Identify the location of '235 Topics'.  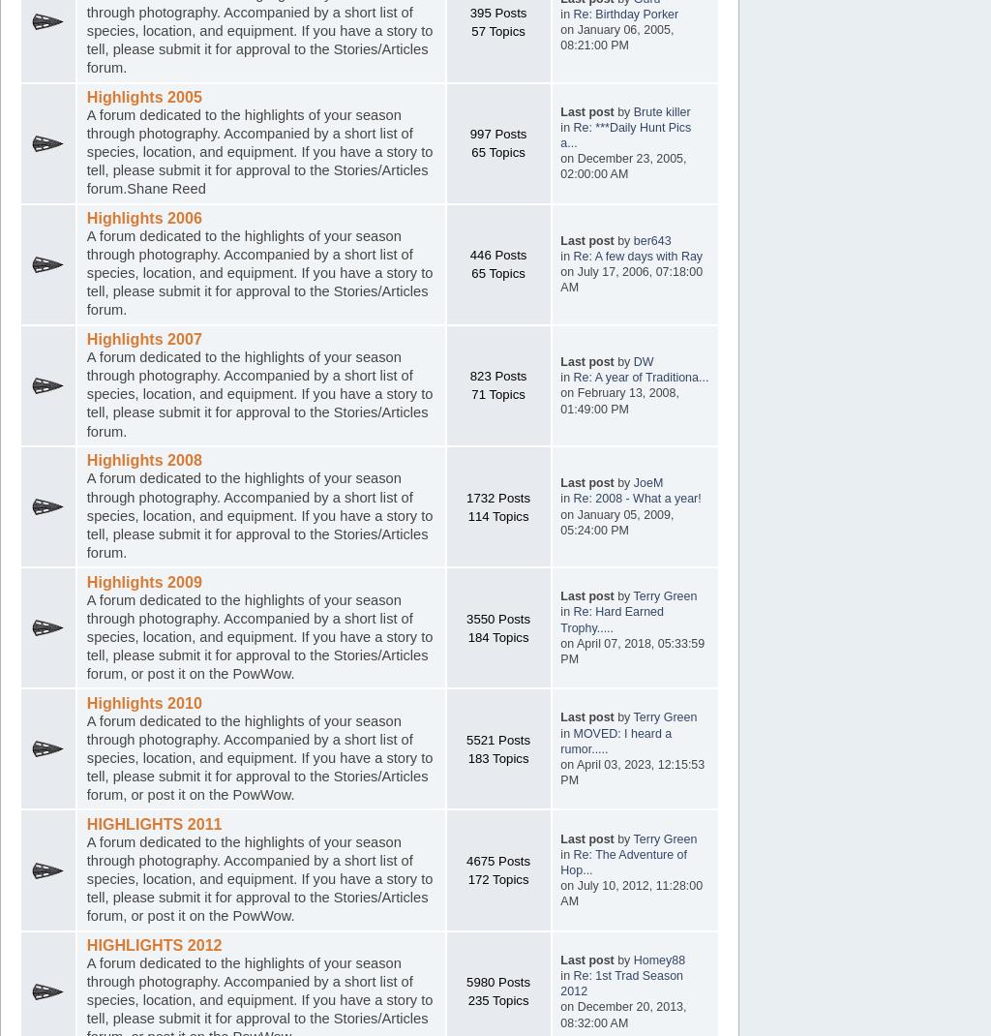
(497, 1000).